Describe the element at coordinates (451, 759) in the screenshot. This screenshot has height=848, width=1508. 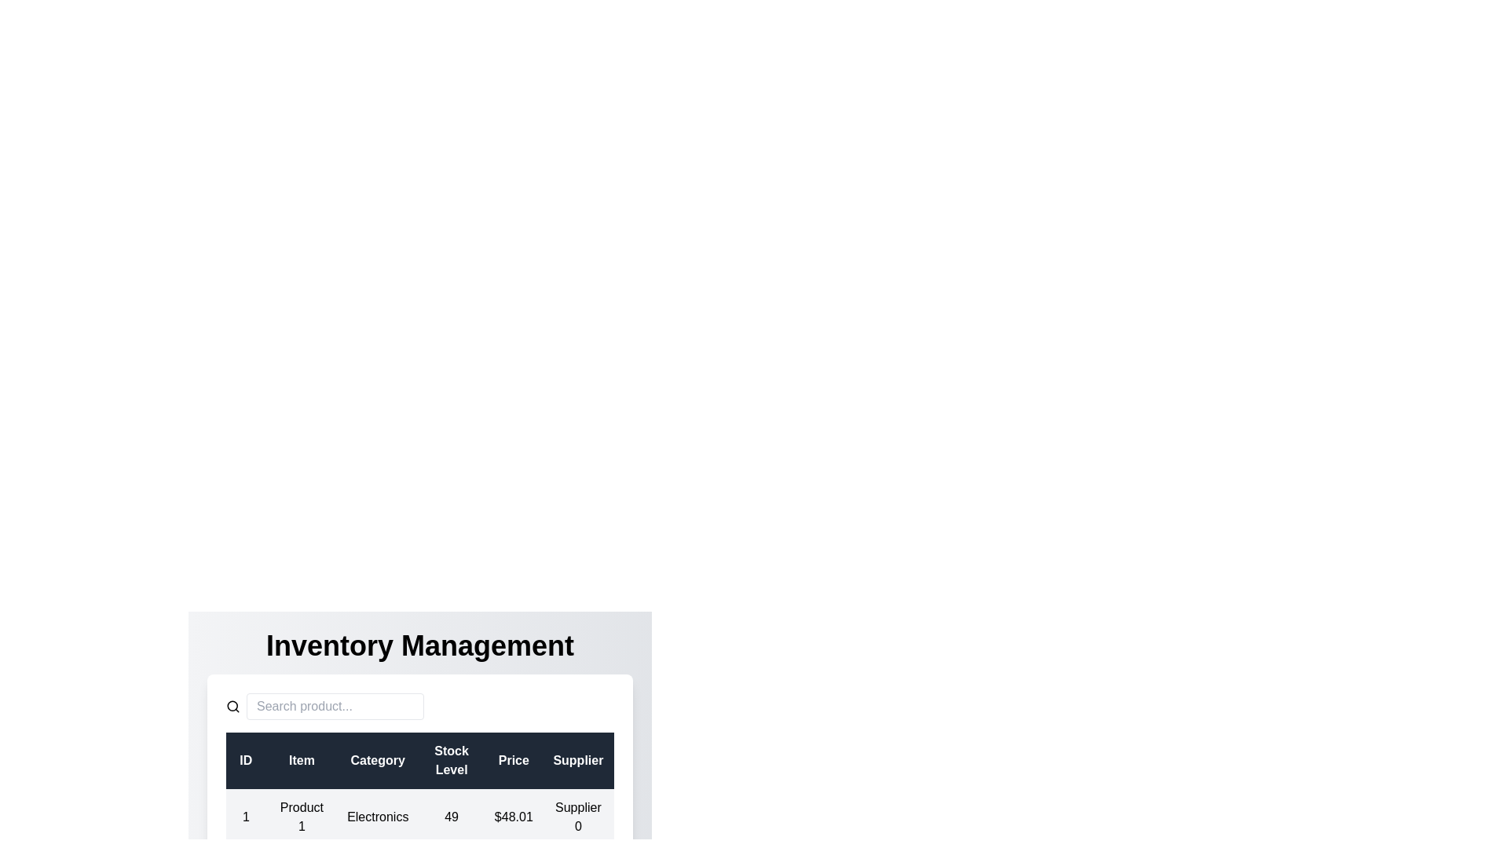
I see `the column header Stock Level to sort the data by that column` at that location.